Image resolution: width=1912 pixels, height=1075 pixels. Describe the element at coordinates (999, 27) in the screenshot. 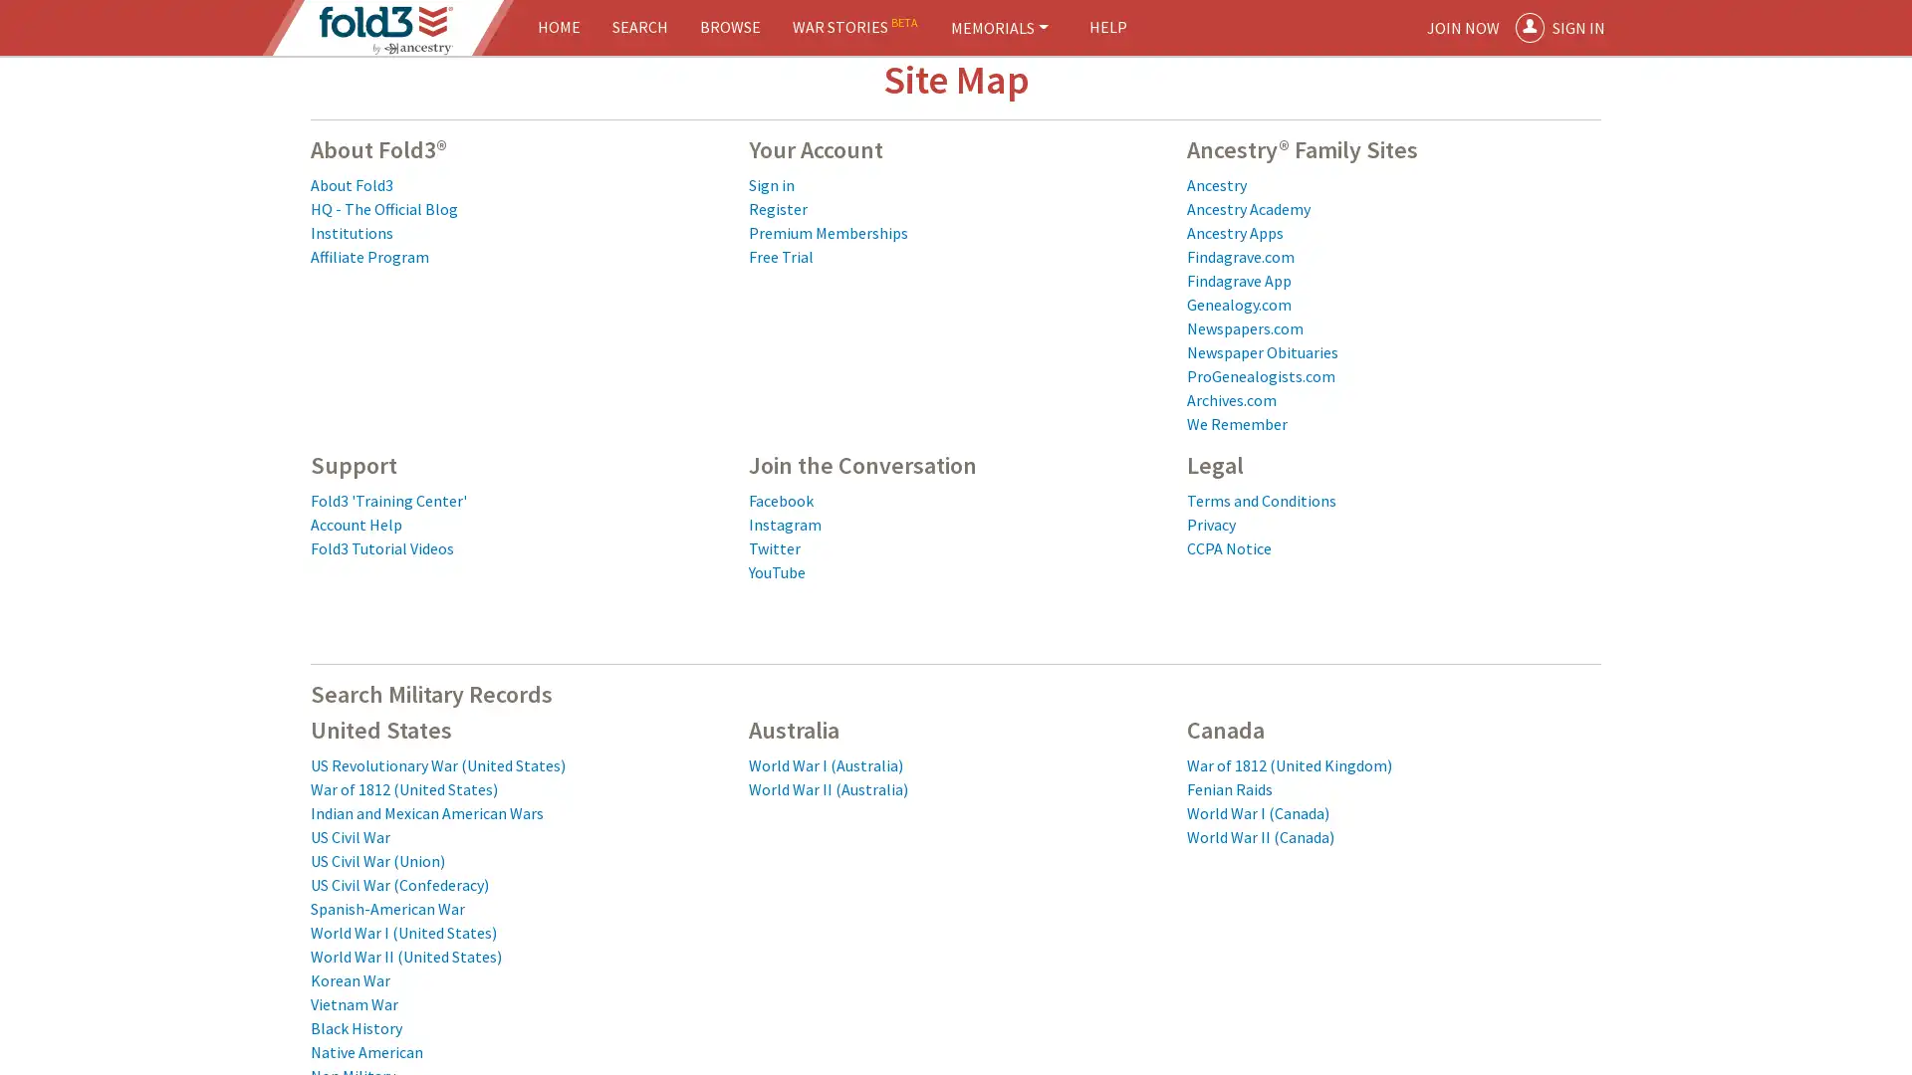

I see `MEMORIALS` at that location.